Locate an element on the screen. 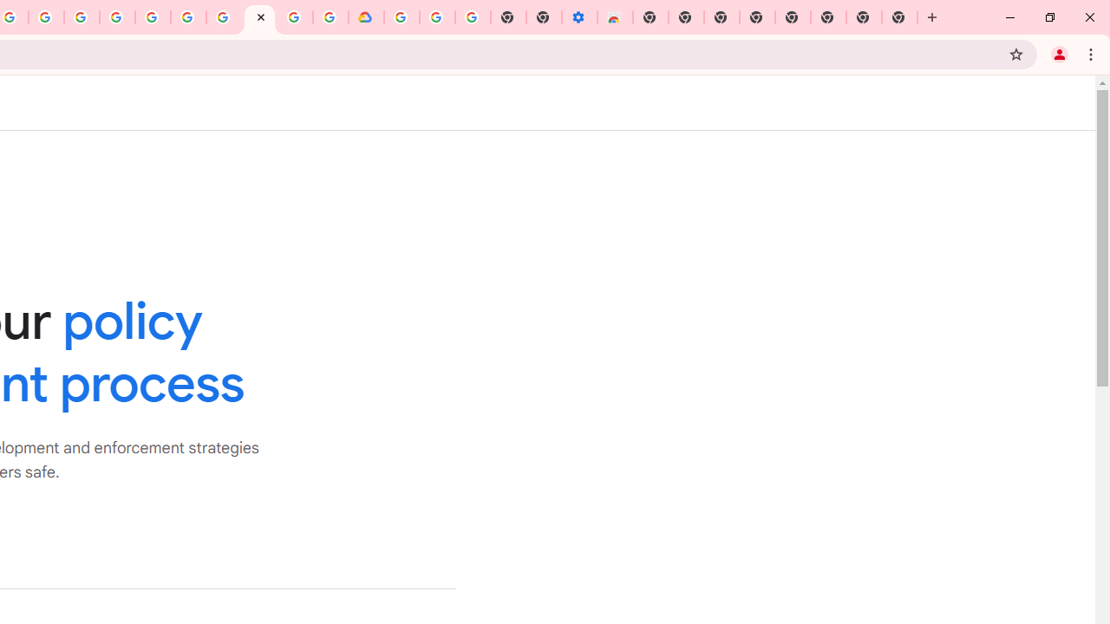 This screenshot has width=1110, height=624. 'Chrome Web Store - Accessibility extensions' is located at coordinates (615, 17).